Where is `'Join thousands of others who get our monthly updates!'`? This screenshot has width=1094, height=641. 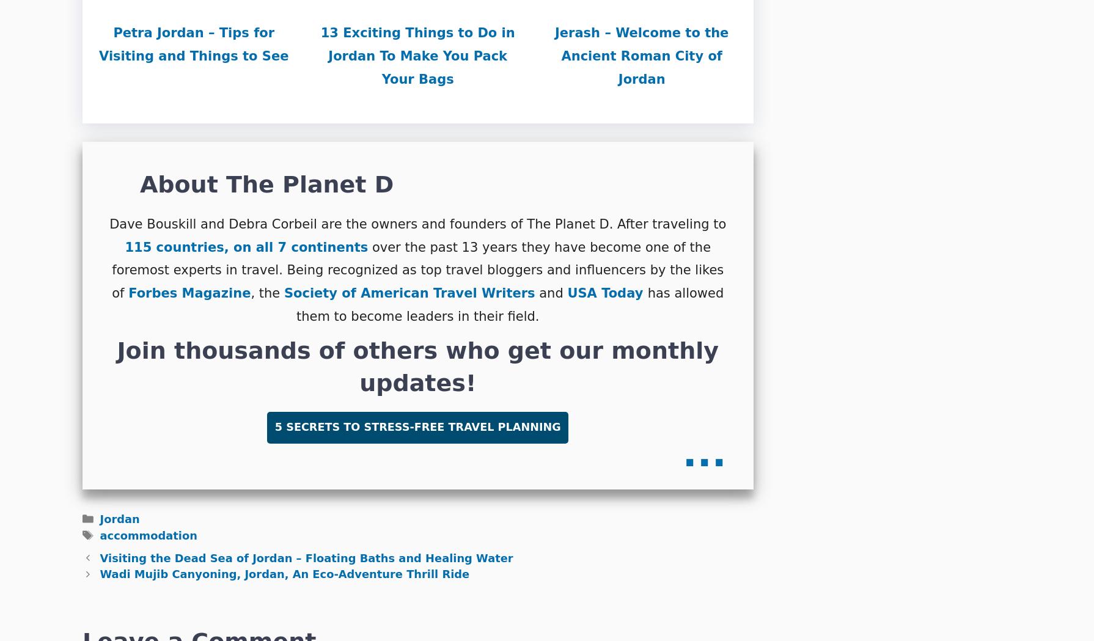
'Join thousands of others who get our monthly updates!' is located at coordinates (116, 366).